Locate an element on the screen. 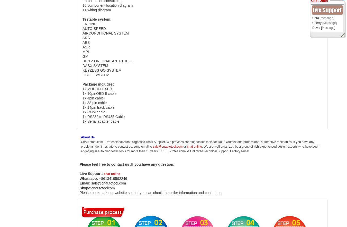  'SRS' is located at coordinates (86, 38).